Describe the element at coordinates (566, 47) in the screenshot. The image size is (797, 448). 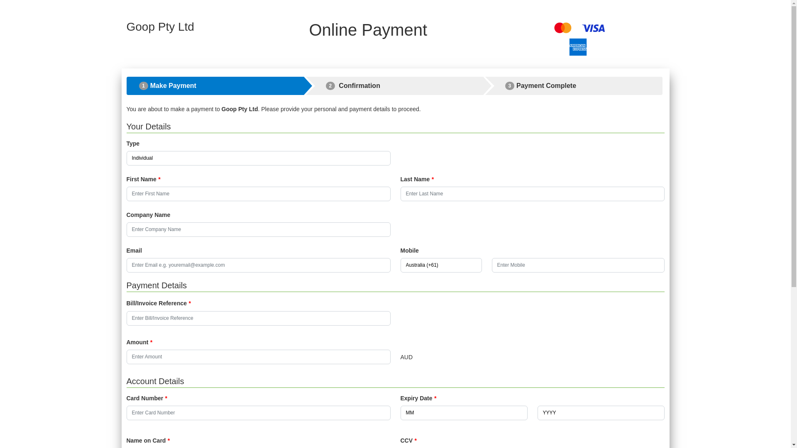
I see `'Amex American'` at that location.